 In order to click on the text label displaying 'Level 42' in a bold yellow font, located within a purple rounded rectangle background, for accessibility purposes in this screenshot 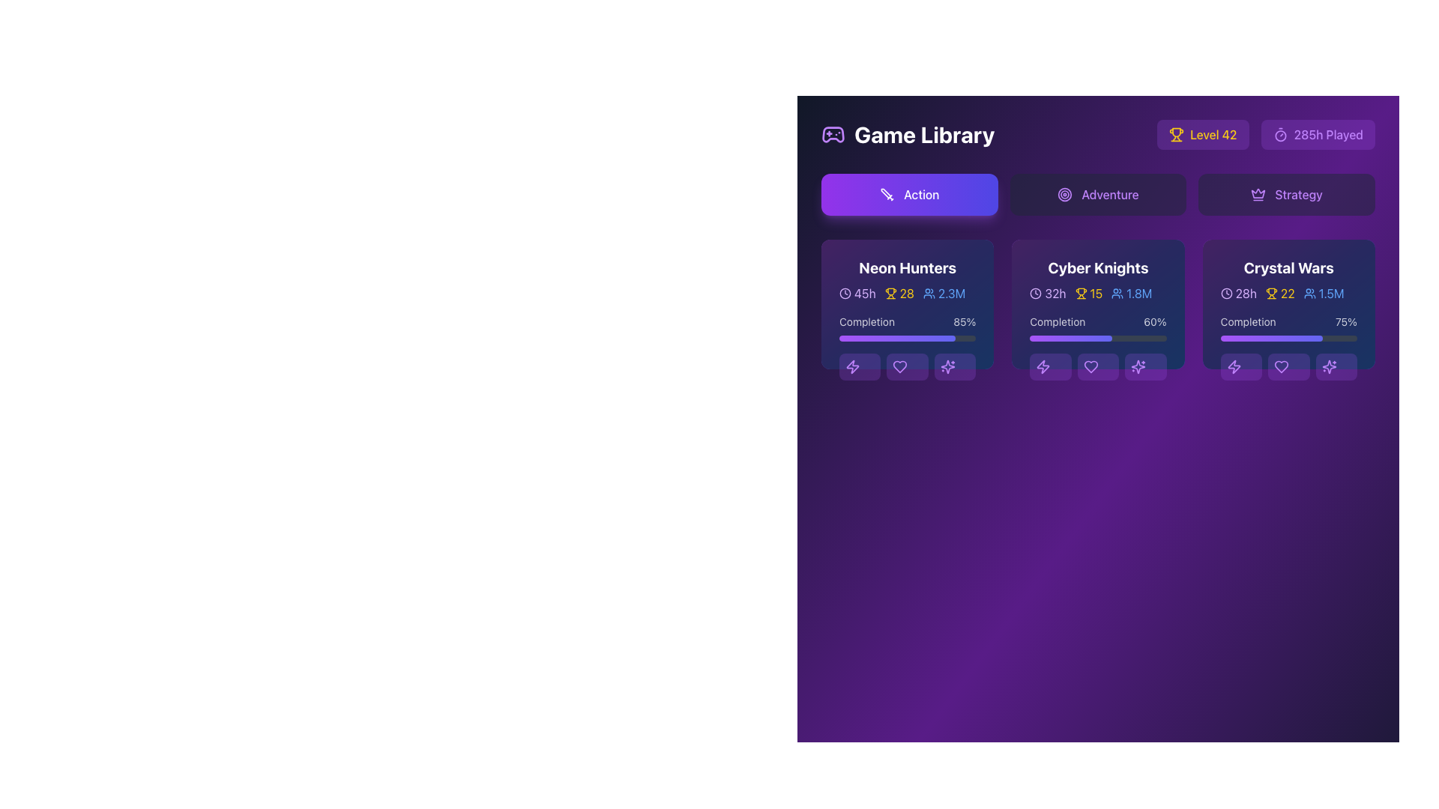, I will do `click(1213, 135)`.